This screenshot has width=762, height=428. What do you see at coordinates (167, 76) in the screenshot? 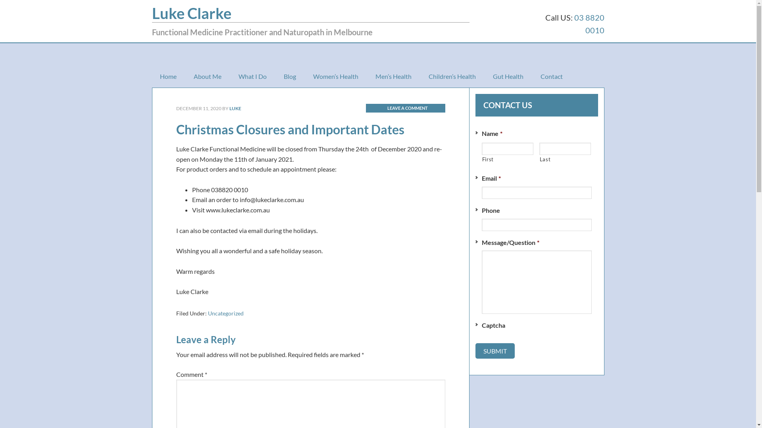
I see `'Home'` at bounding box center [167, 76].